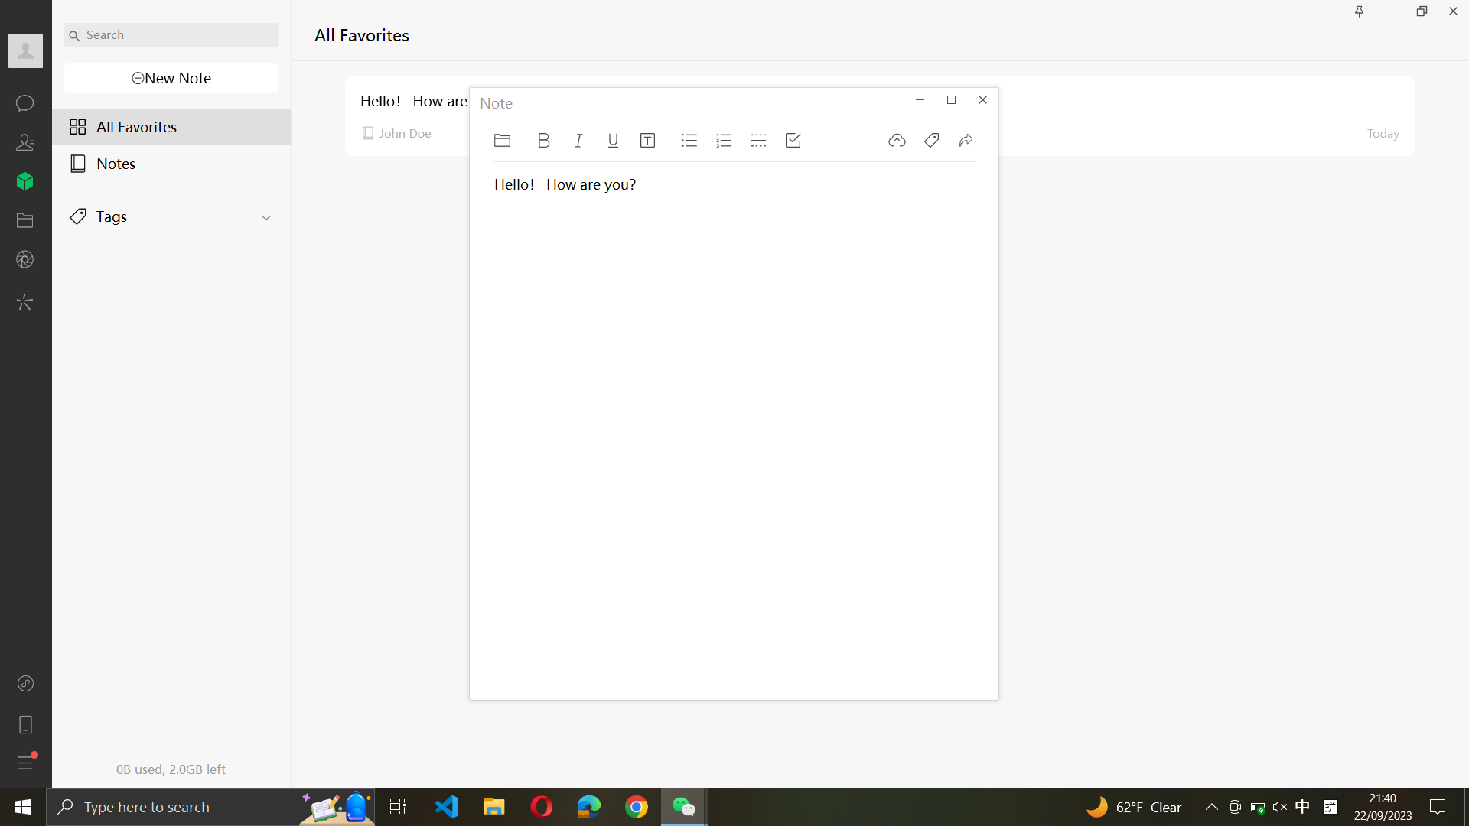  What do you see at coordinates (950, 98) in the screenshot?
I see `Expand the current note window to full screen` at bounding box center [950, 98].